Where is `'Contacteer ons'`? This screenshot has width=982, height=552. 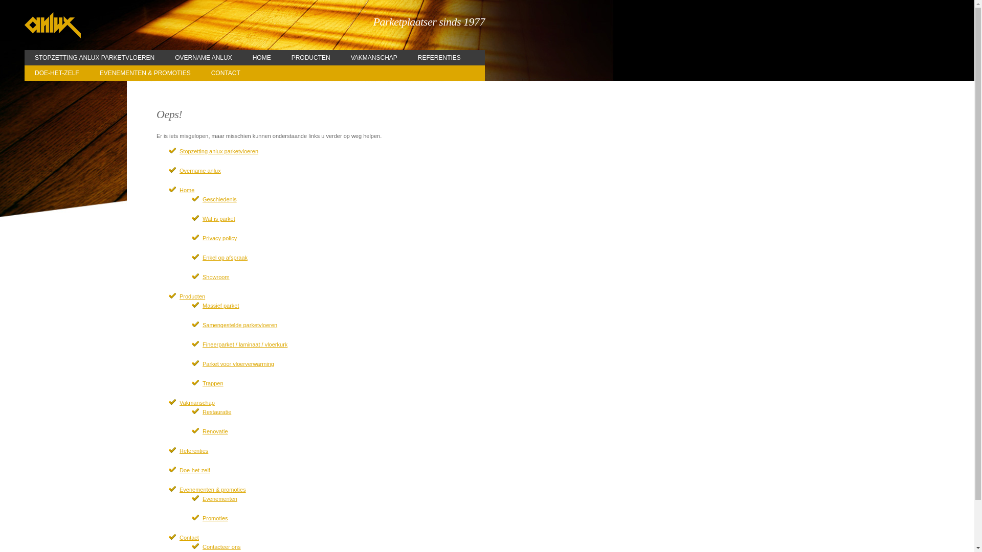 'Contacteer ons' is located at coordinates (202, 546).